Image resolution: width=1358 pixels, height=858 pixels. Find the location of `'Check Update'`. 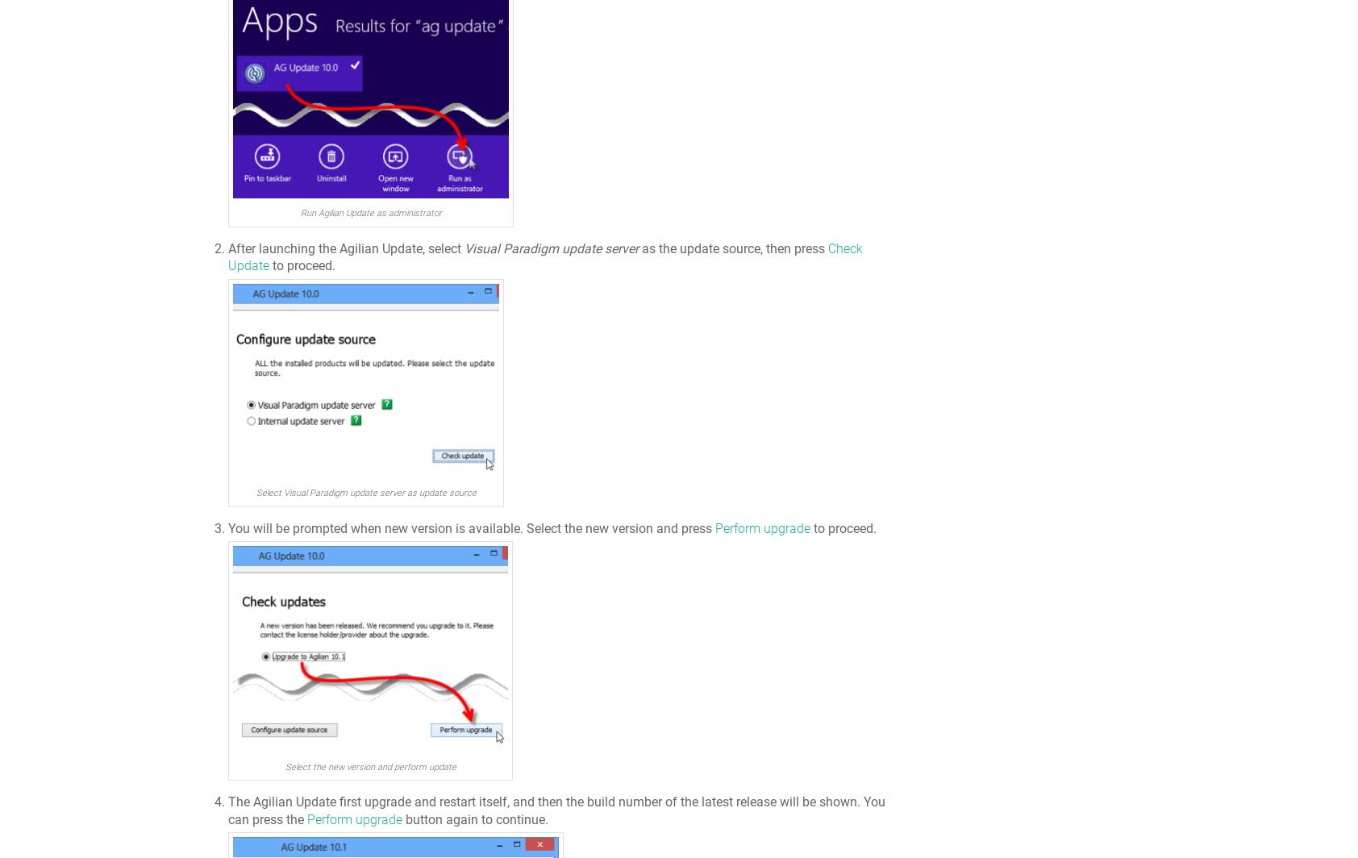

'Check Update' is located at coordinates (228, 256).